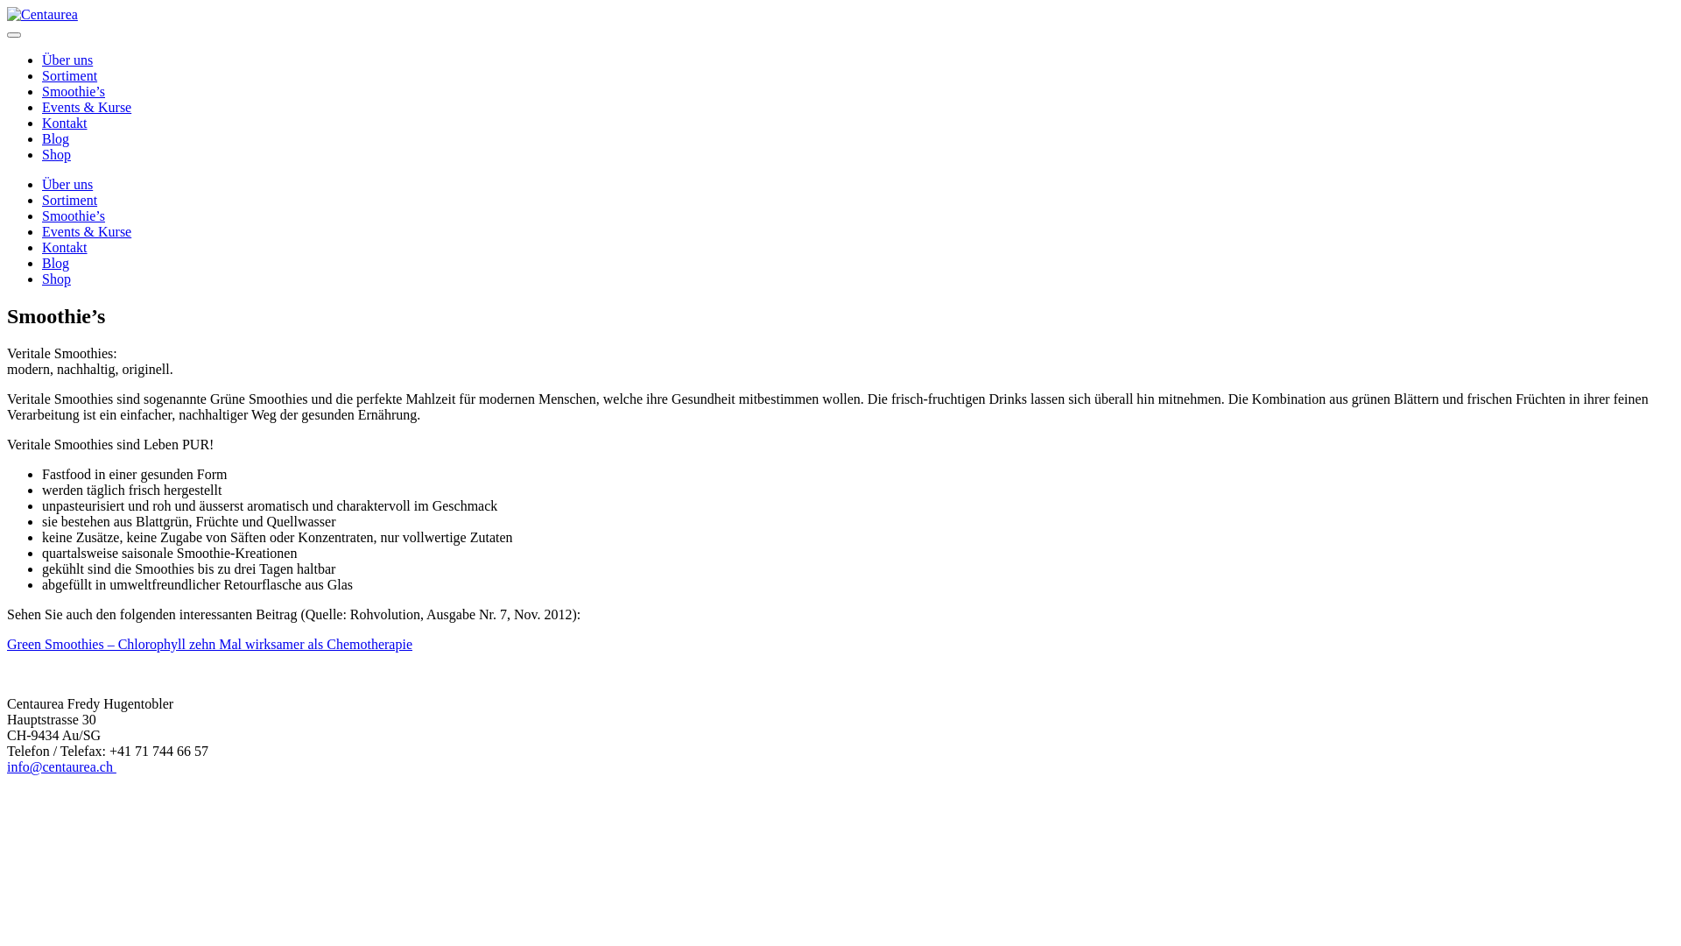 Image resolution: width=1681 pixels, height=946 pixels. What do you see at coordinates (55, 263) in the screenshot?
I see `'Blog'` at bounding box center [55, 263].